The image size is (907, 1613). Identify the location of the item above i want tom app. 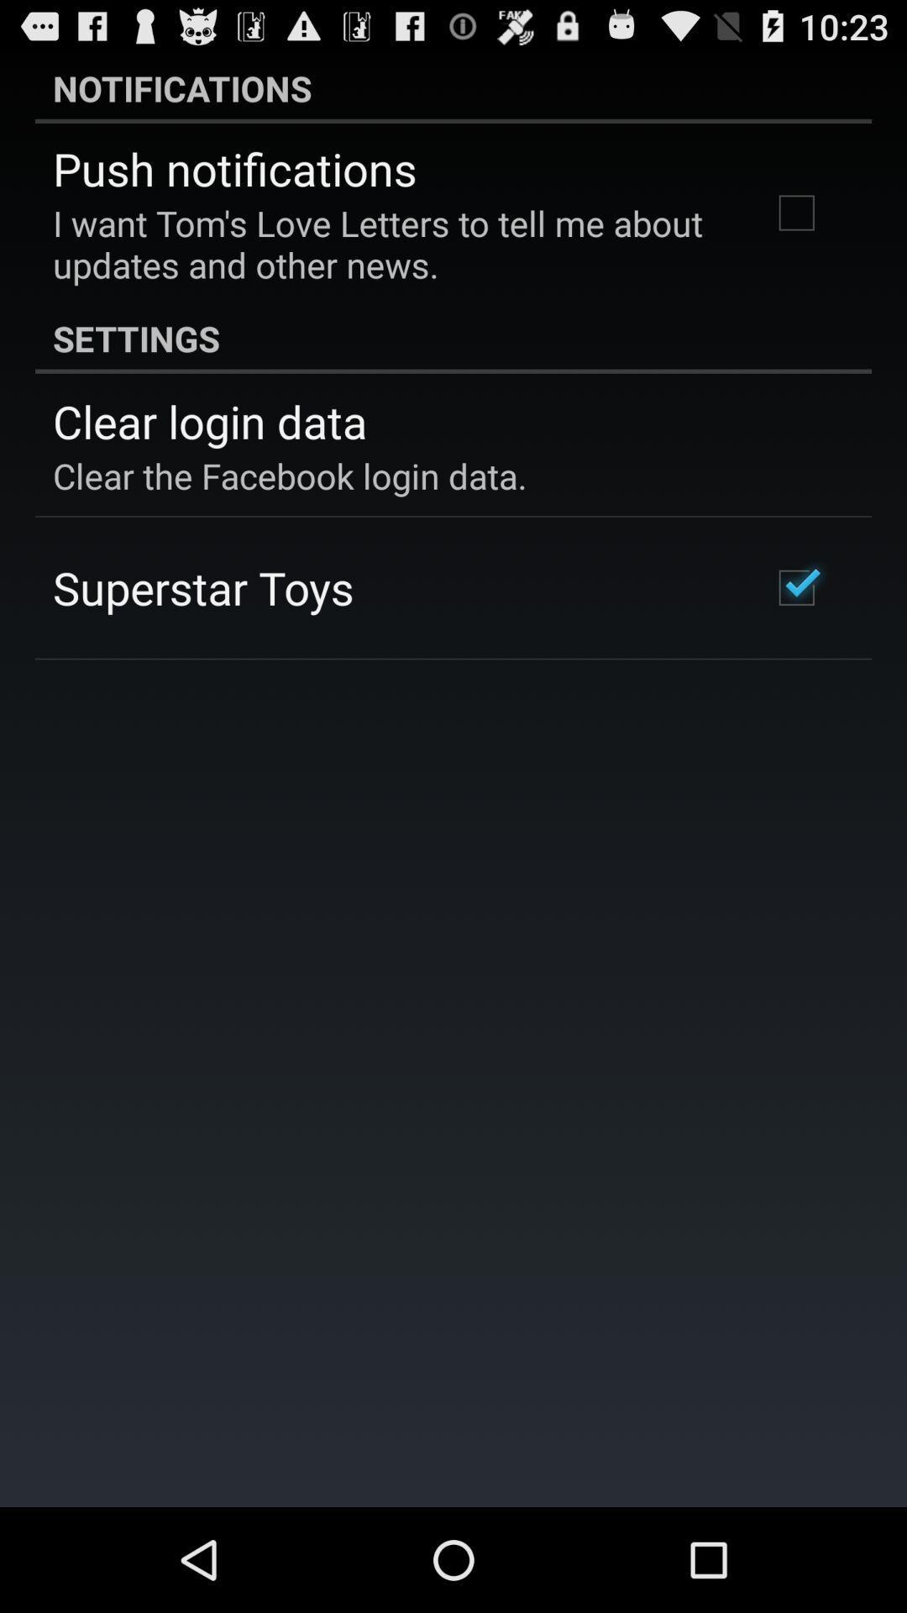
(234, 168).